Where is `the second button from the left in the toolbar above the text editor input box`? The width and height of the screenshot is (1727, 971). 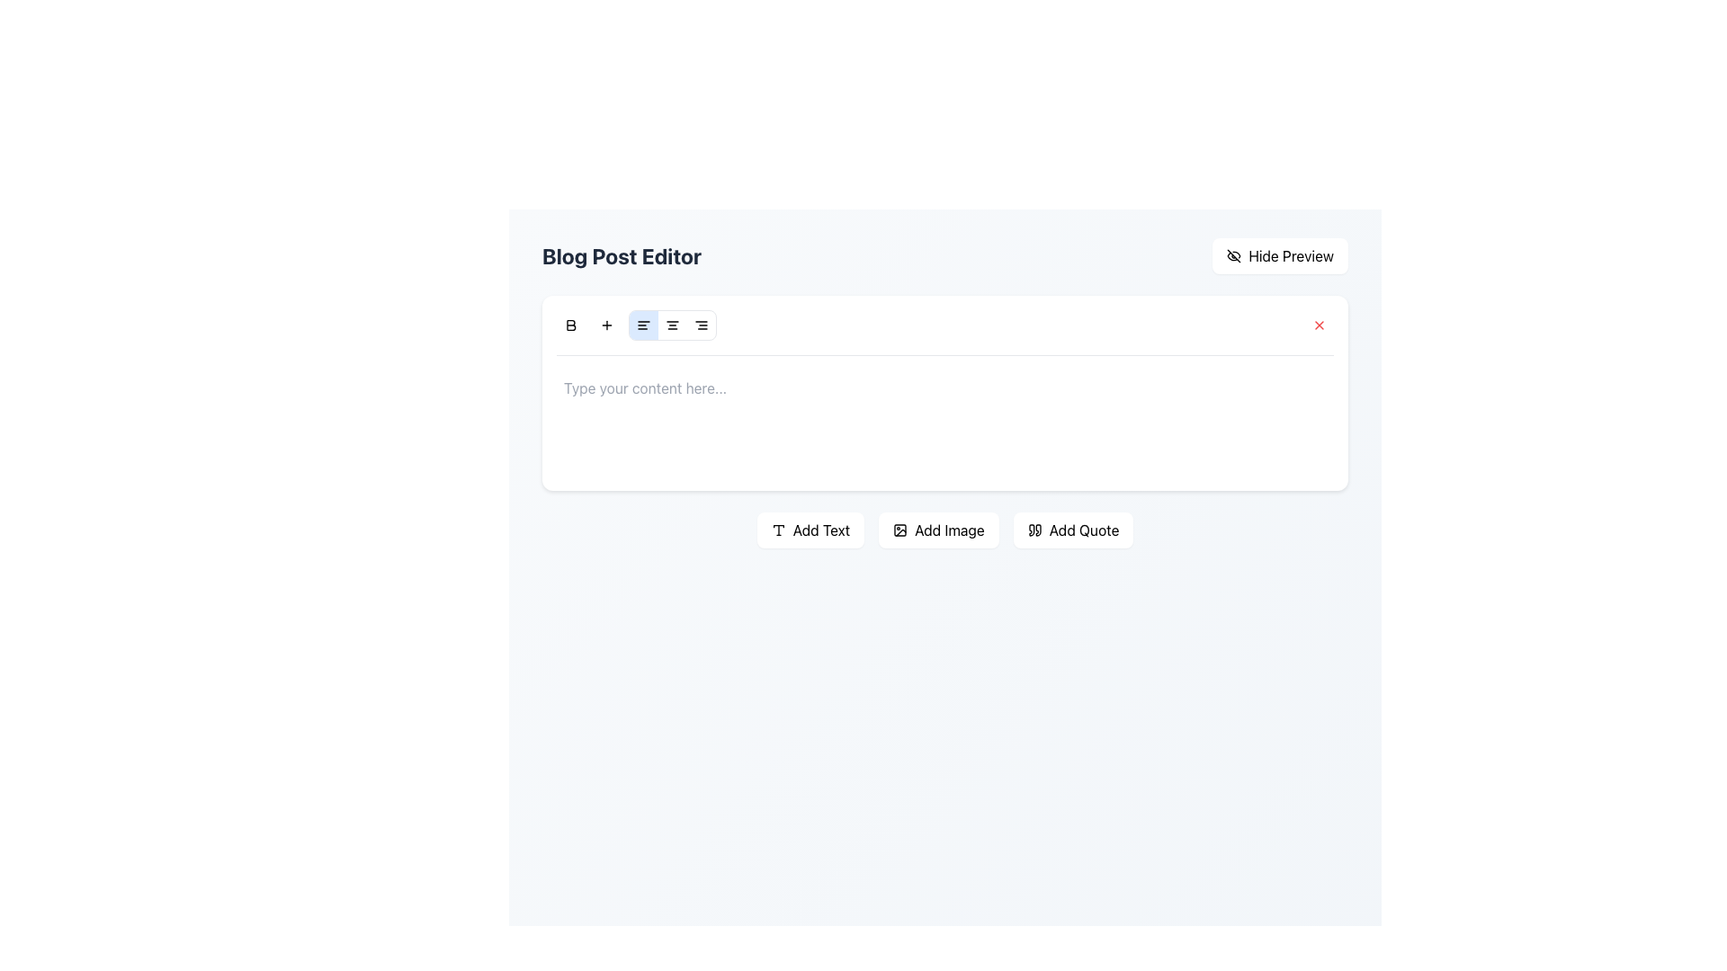 the second button from the left in the toolbar above the text editor input box is located at coordinates (607, 325).